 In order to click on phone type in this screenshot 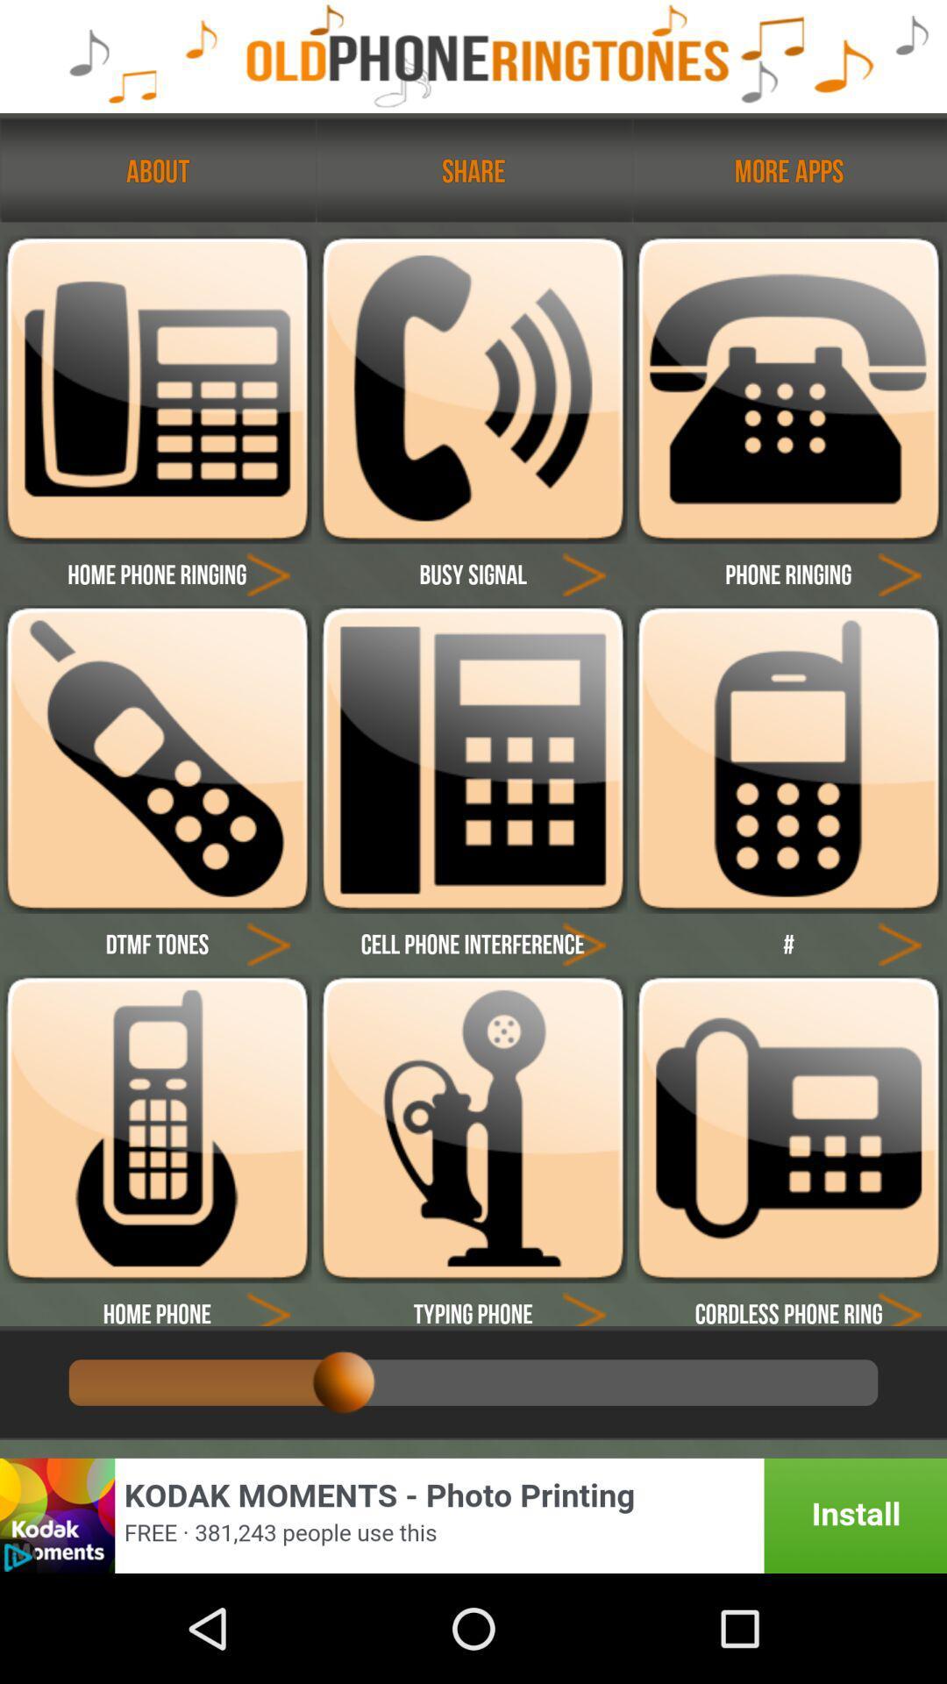, I will do `click(472, 389)`.